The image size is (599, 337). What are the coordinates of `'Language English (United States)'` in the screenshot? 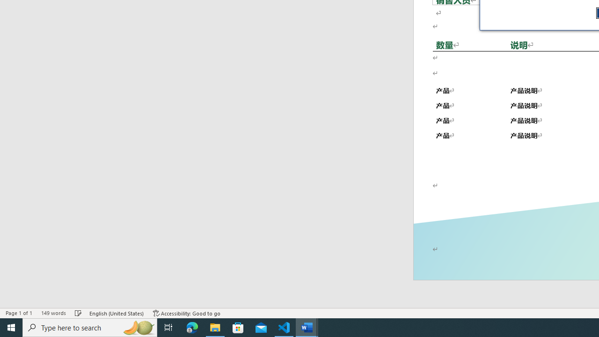 It's located at (117, 313).